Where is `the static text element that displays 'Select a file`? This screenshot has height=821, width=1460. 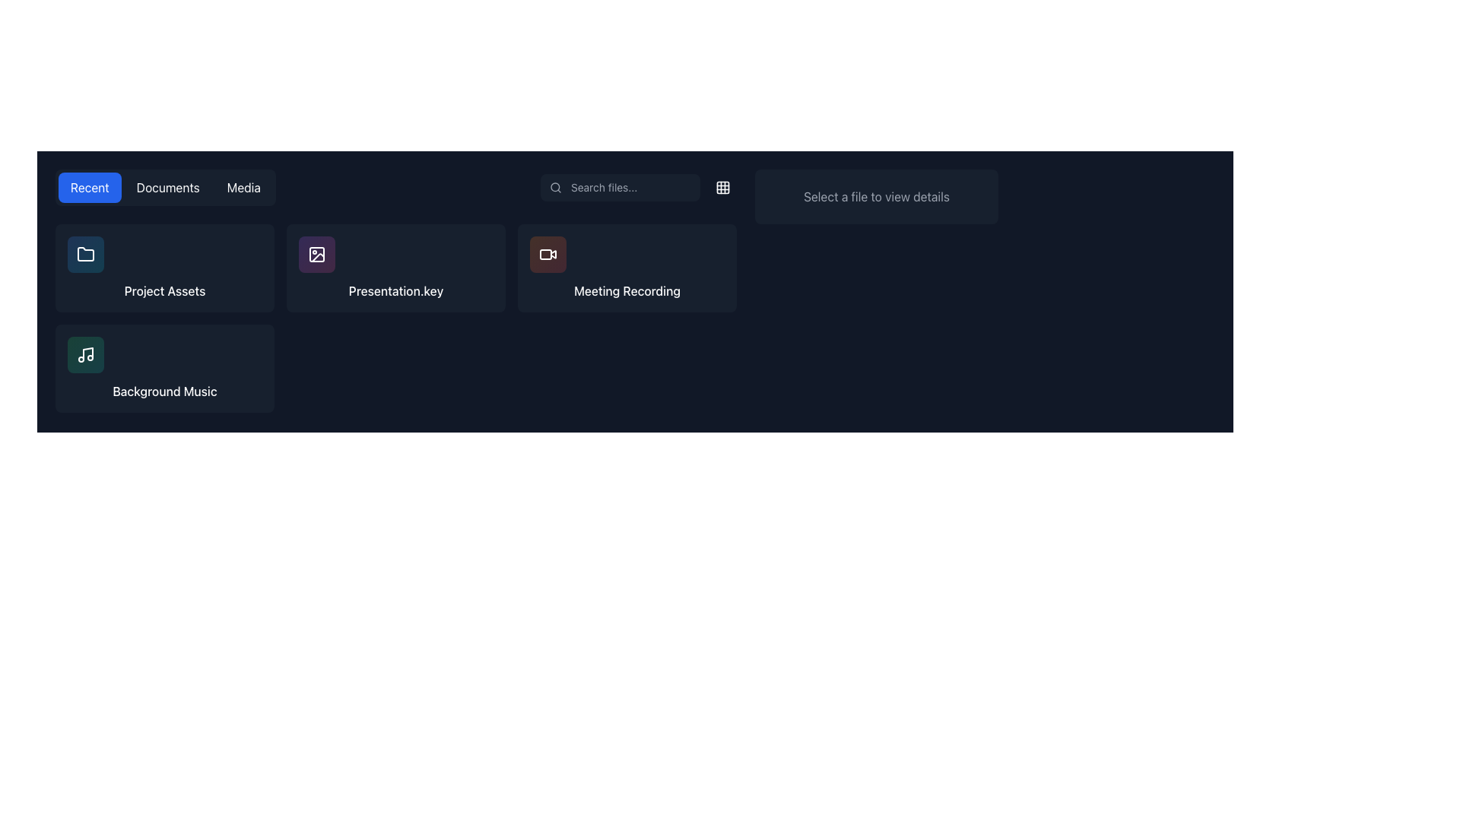 the static text element that displays 'Select a file is located at coordinates (876, 195).